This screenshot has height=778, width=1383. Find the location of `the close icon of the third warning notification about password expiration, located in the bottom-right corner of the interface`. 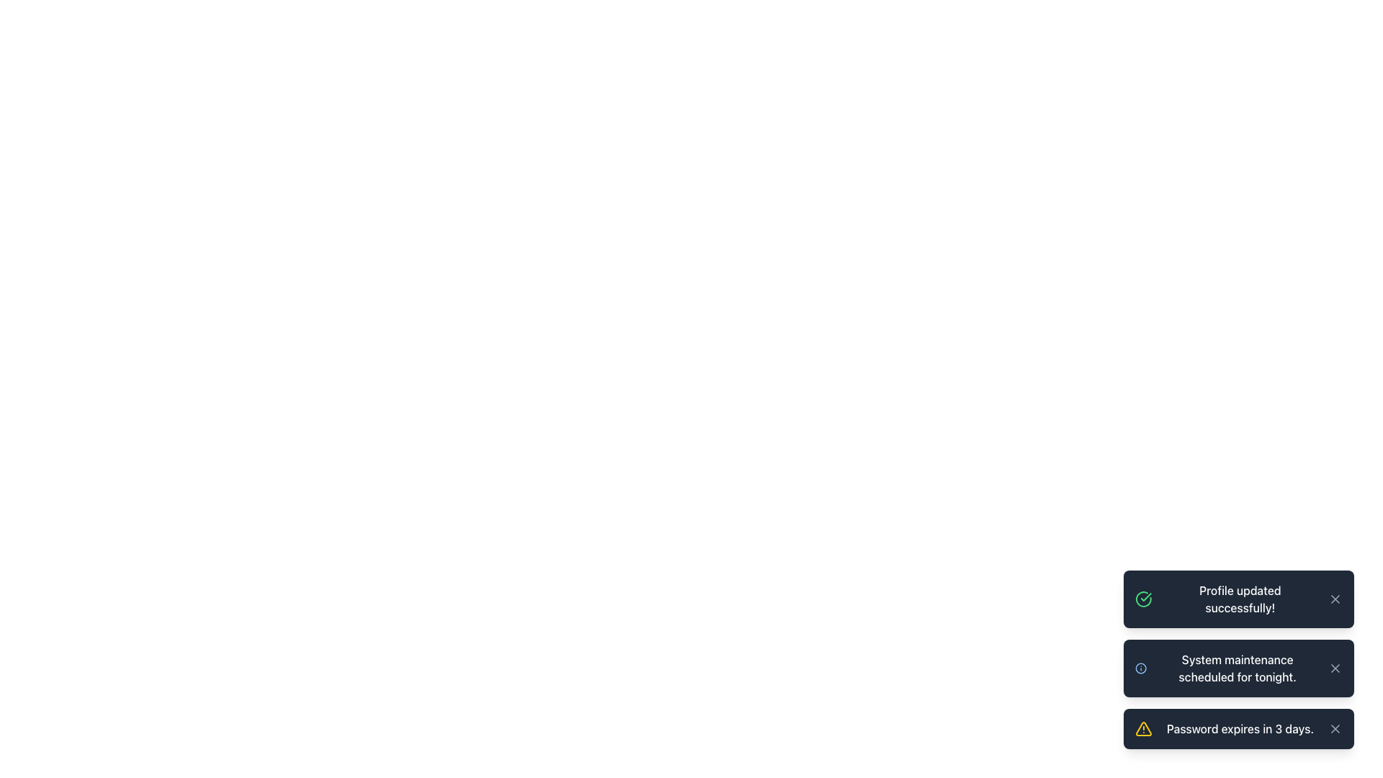

the close icon of the third warning notification about password expiration, located in the bottom-right corner of the interface is located at coordinates (1237, 728).